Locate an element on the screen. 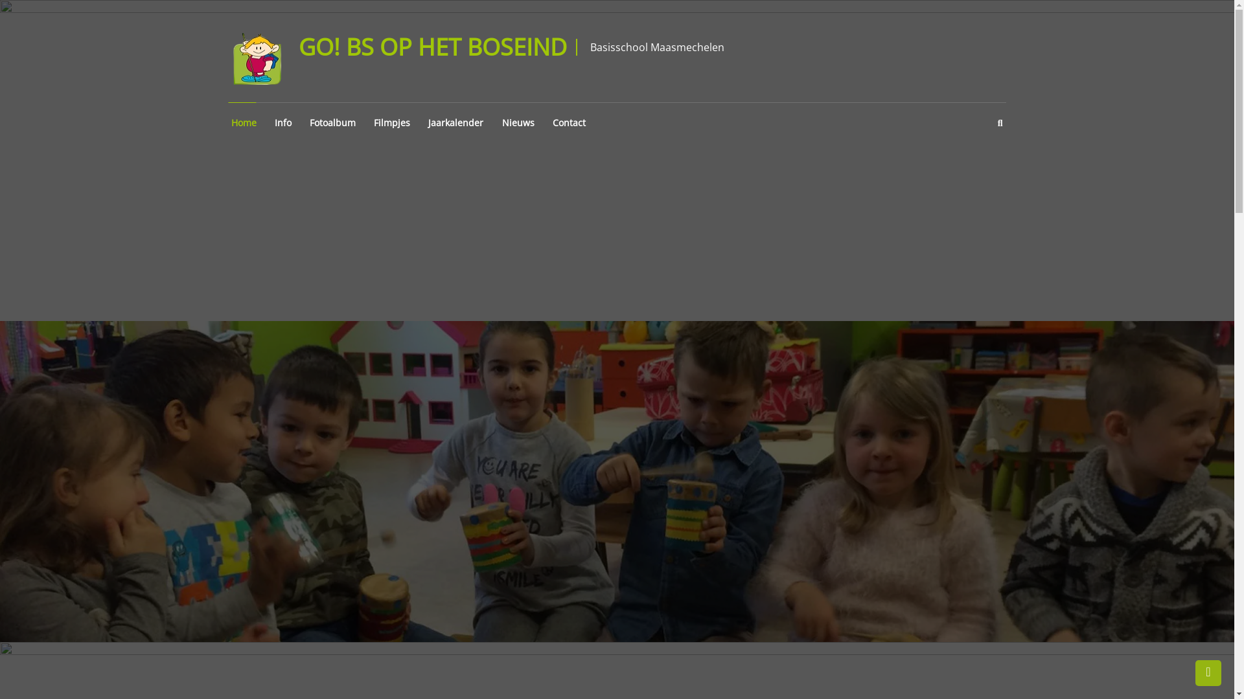 The image size is (1244, 699). 'Home' is located at coordinates (242, 122).